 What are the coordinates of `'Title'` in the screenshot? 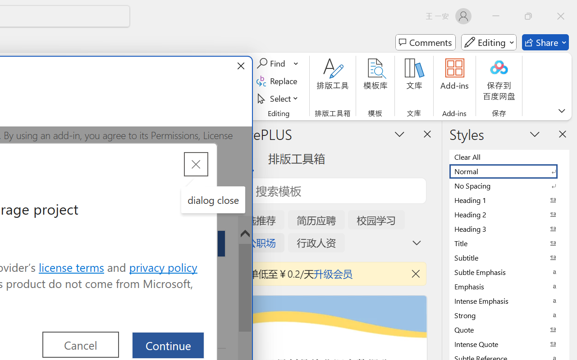 It's located at (509, 243).